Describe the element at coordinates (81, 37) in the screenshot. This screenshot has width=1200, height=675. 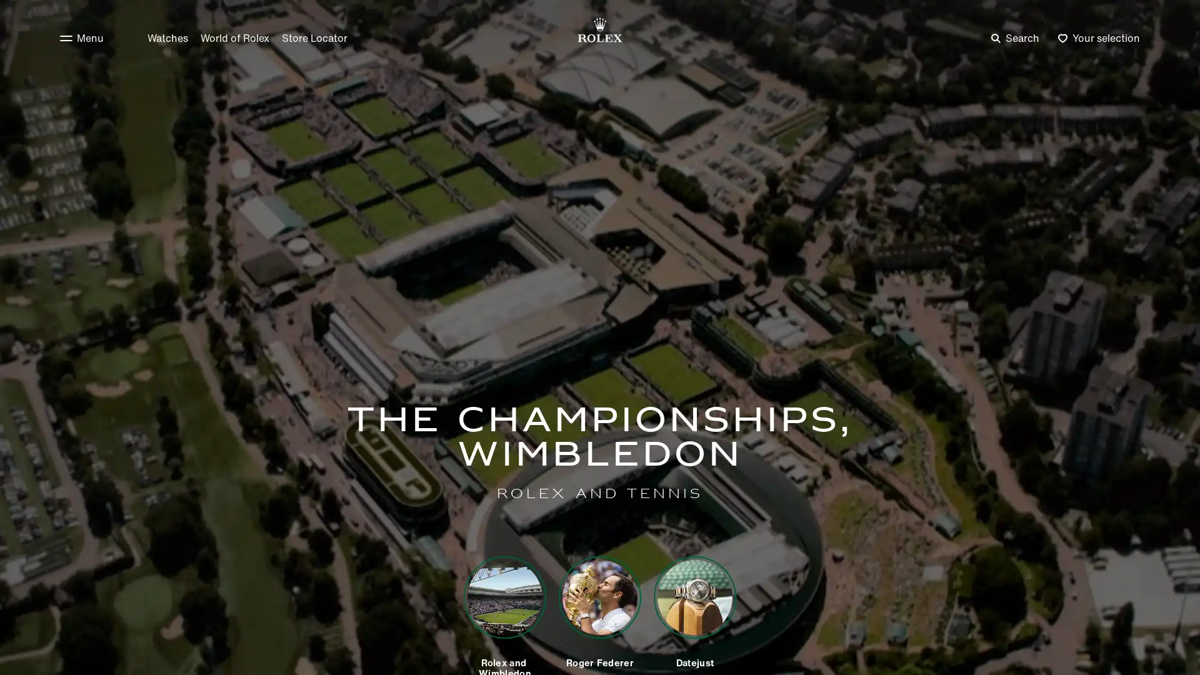
I see `Menu` at that location.